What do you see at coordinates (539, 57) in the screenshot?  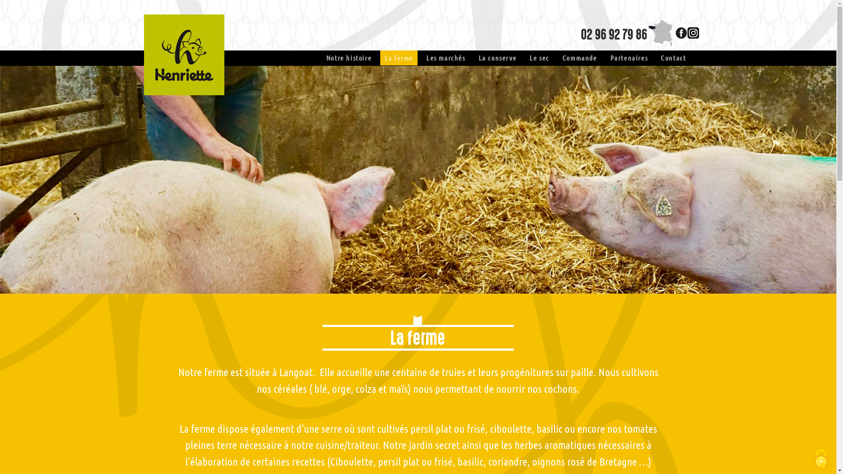 I see `'Le sec'` at bounding box center [539, 57].